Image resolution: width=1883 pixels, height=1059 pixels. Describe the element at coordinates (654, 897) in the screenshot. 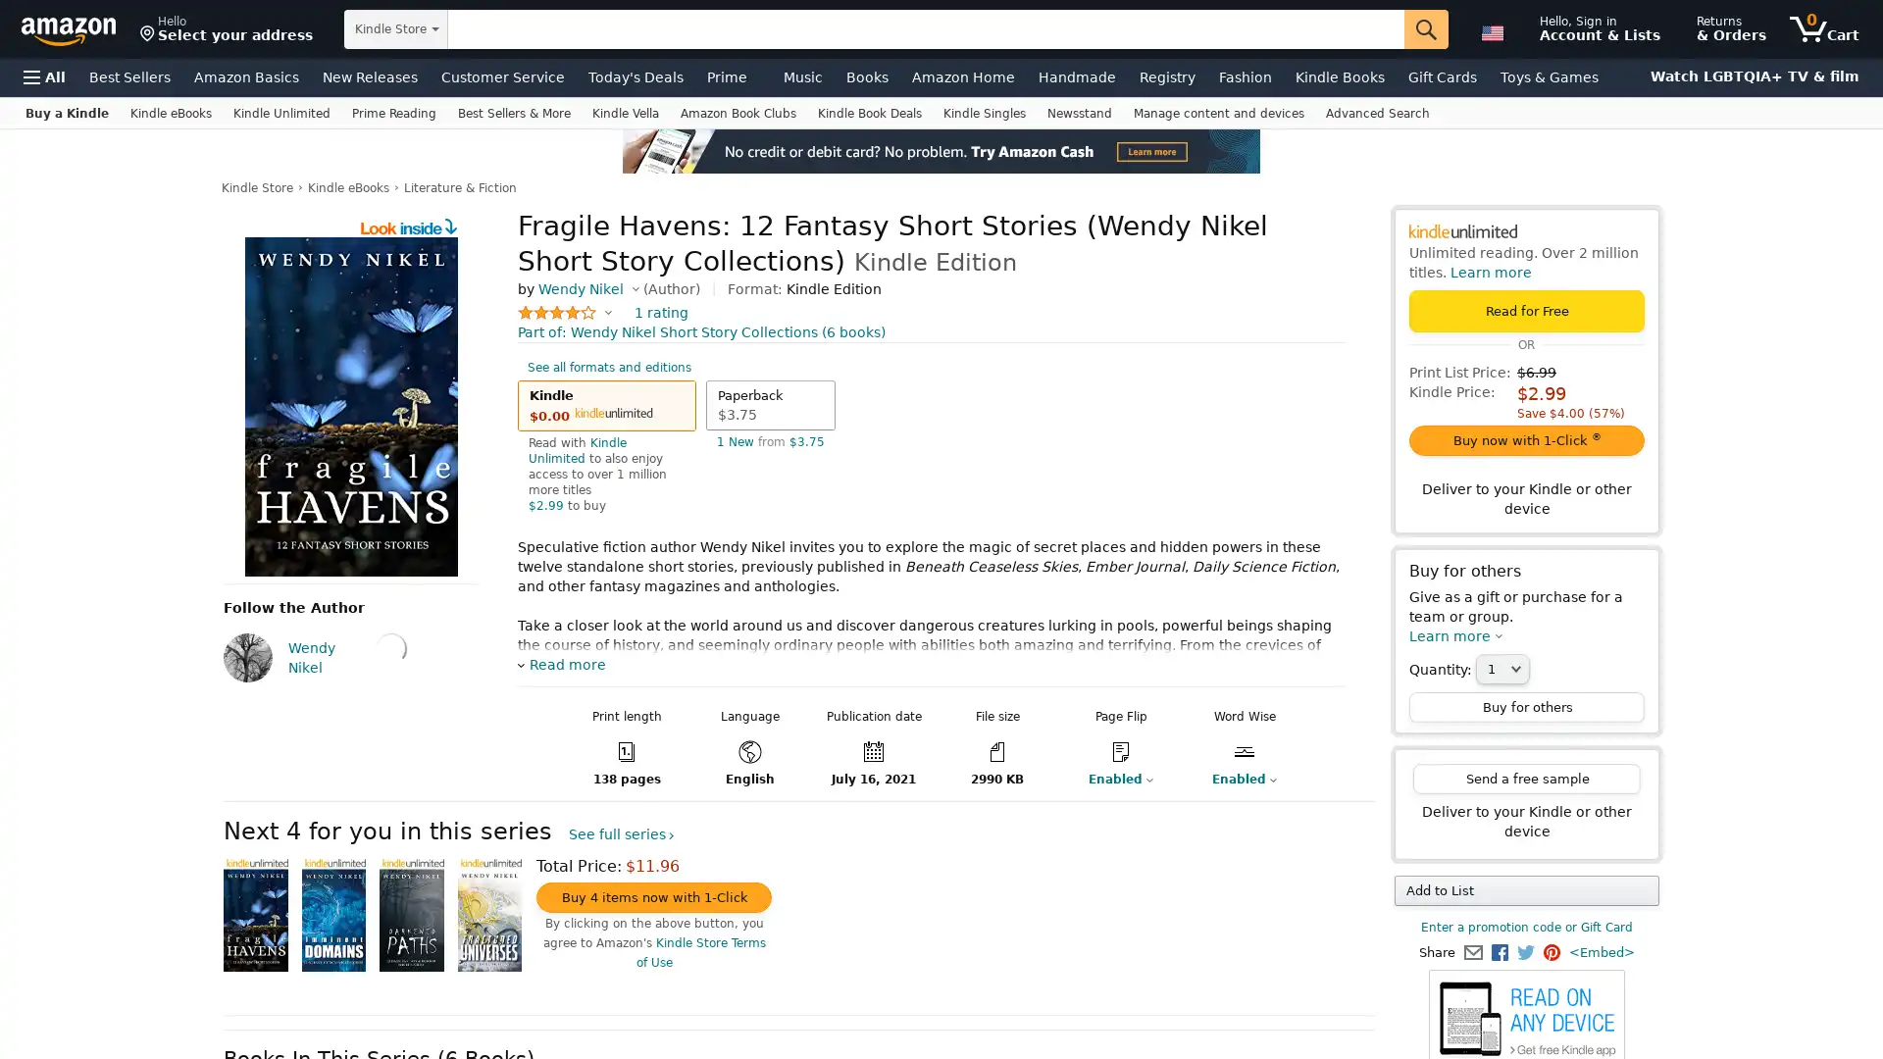

I see `Buy 4 items now with 1-Click` at that location.